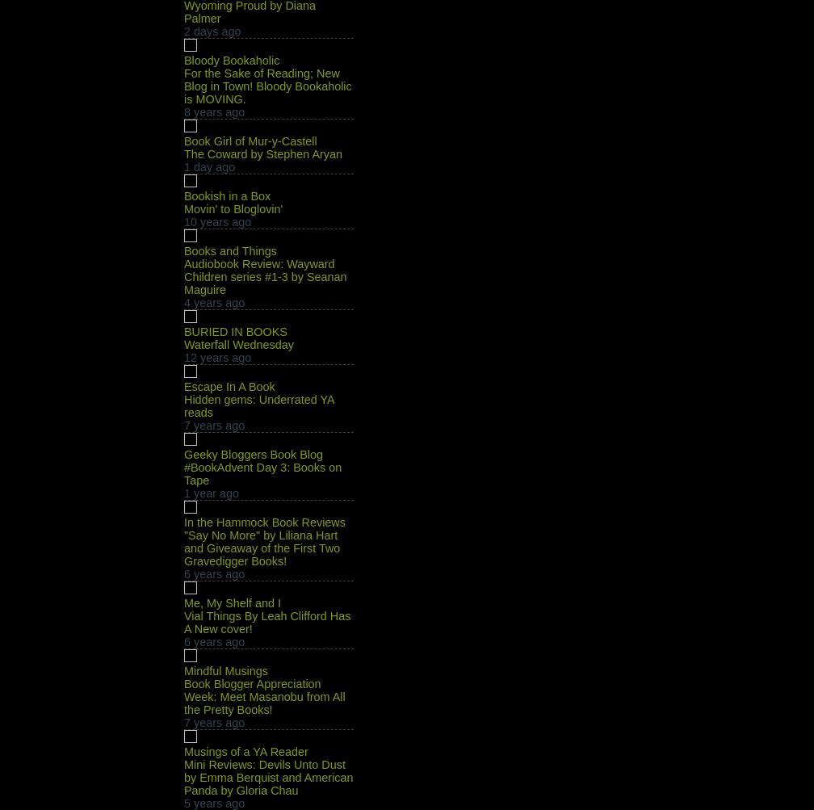 Image resolution: width=814 pixels, height=810 pixels. Describe the element at coordinates (231, 61) in the screenshot. I see `'Bloody Bookaholic'` at that location.